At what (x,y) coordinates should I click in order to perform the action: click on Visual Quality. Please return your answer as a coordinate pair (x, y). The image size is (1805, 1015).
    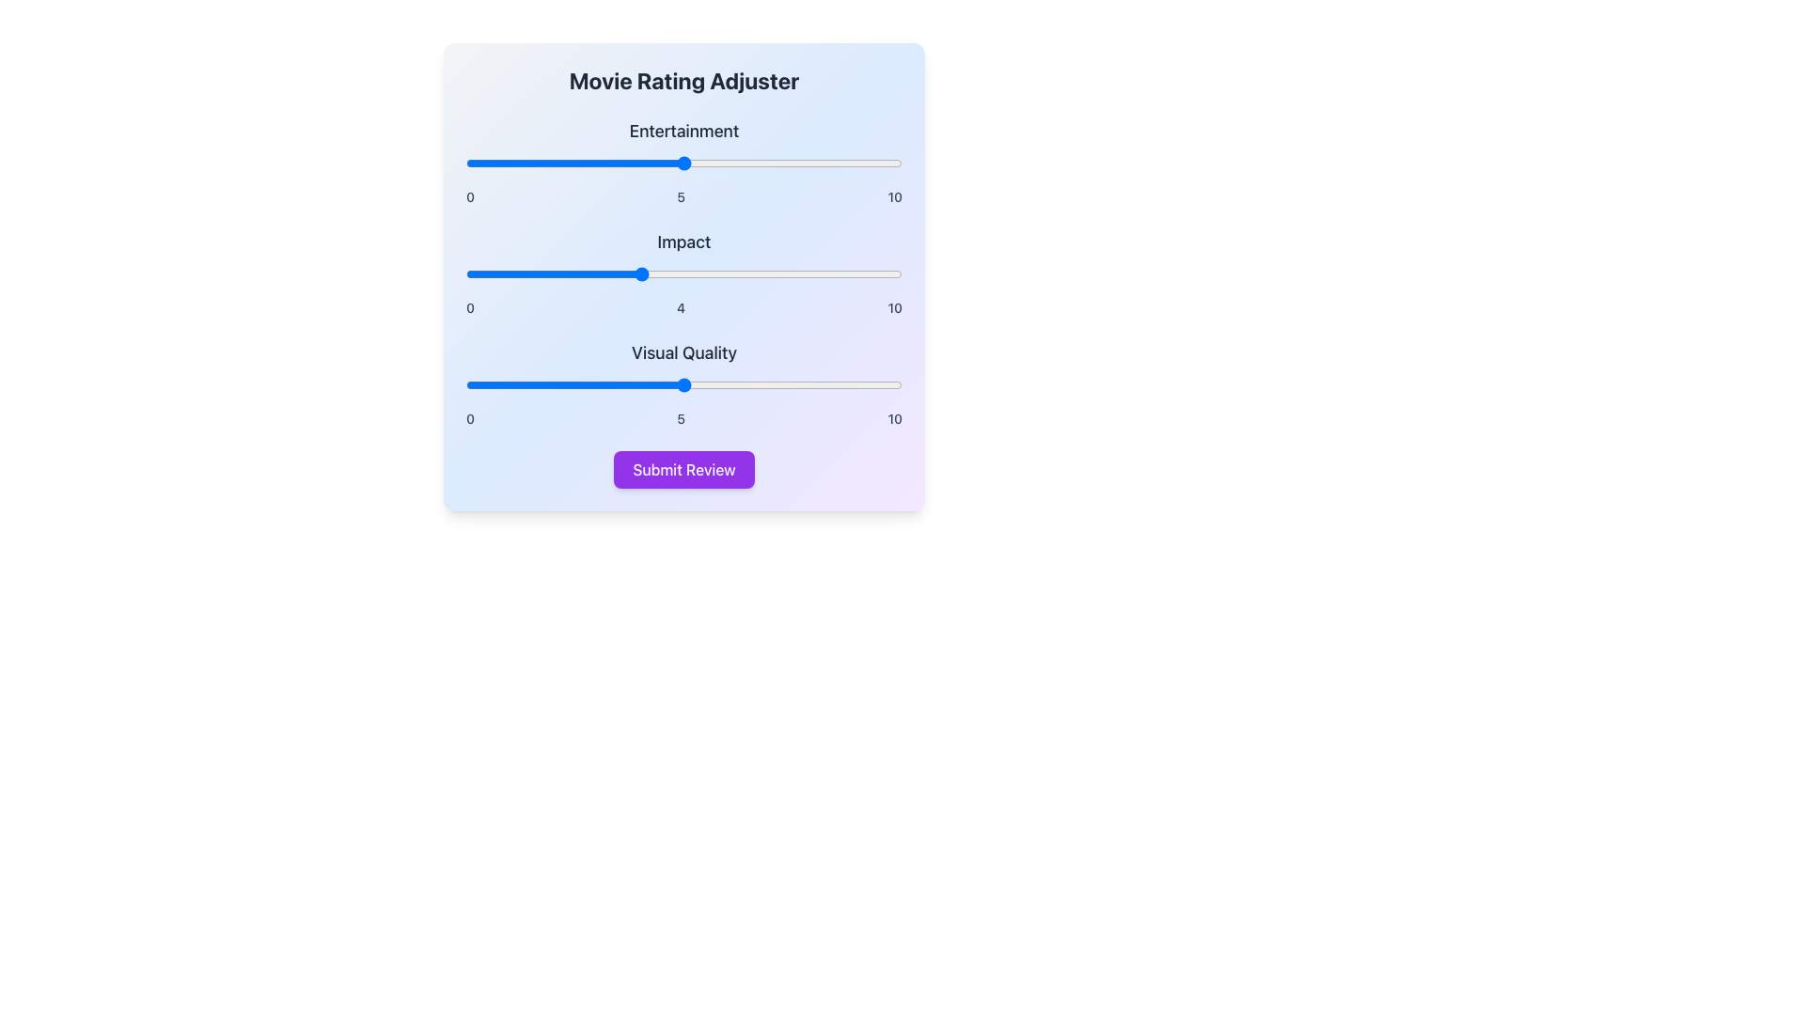
    Looking at the image, I should click on (771, 383).